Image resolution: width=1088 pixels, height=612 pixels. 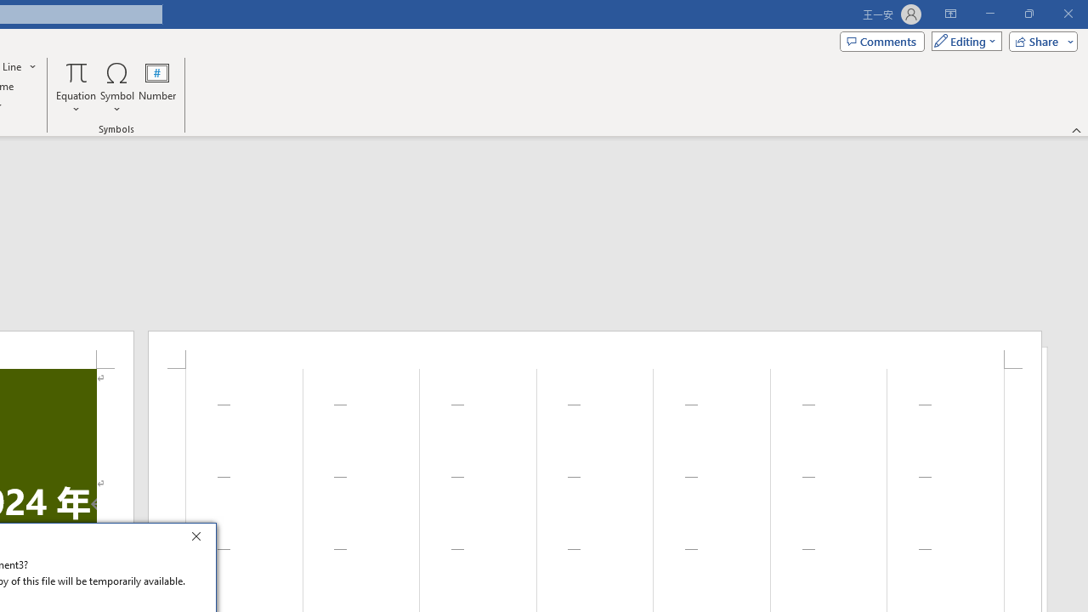 I want to click on 'Symbol', so click(x=116, y=88).